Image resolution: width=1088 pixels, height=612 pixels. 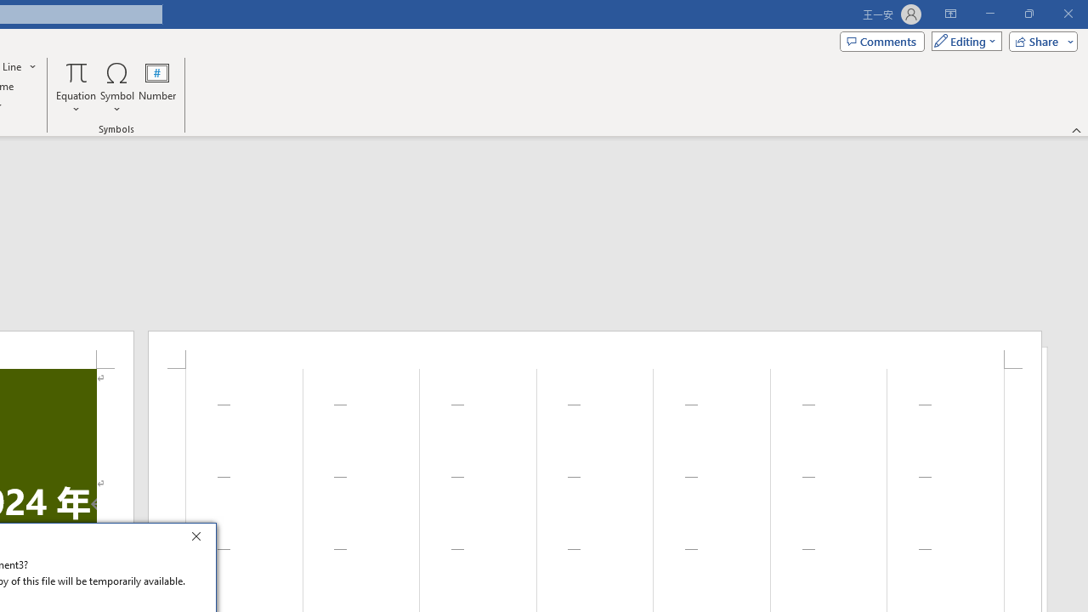 I want to click on 'Symbol', so click(x=116, y=88).